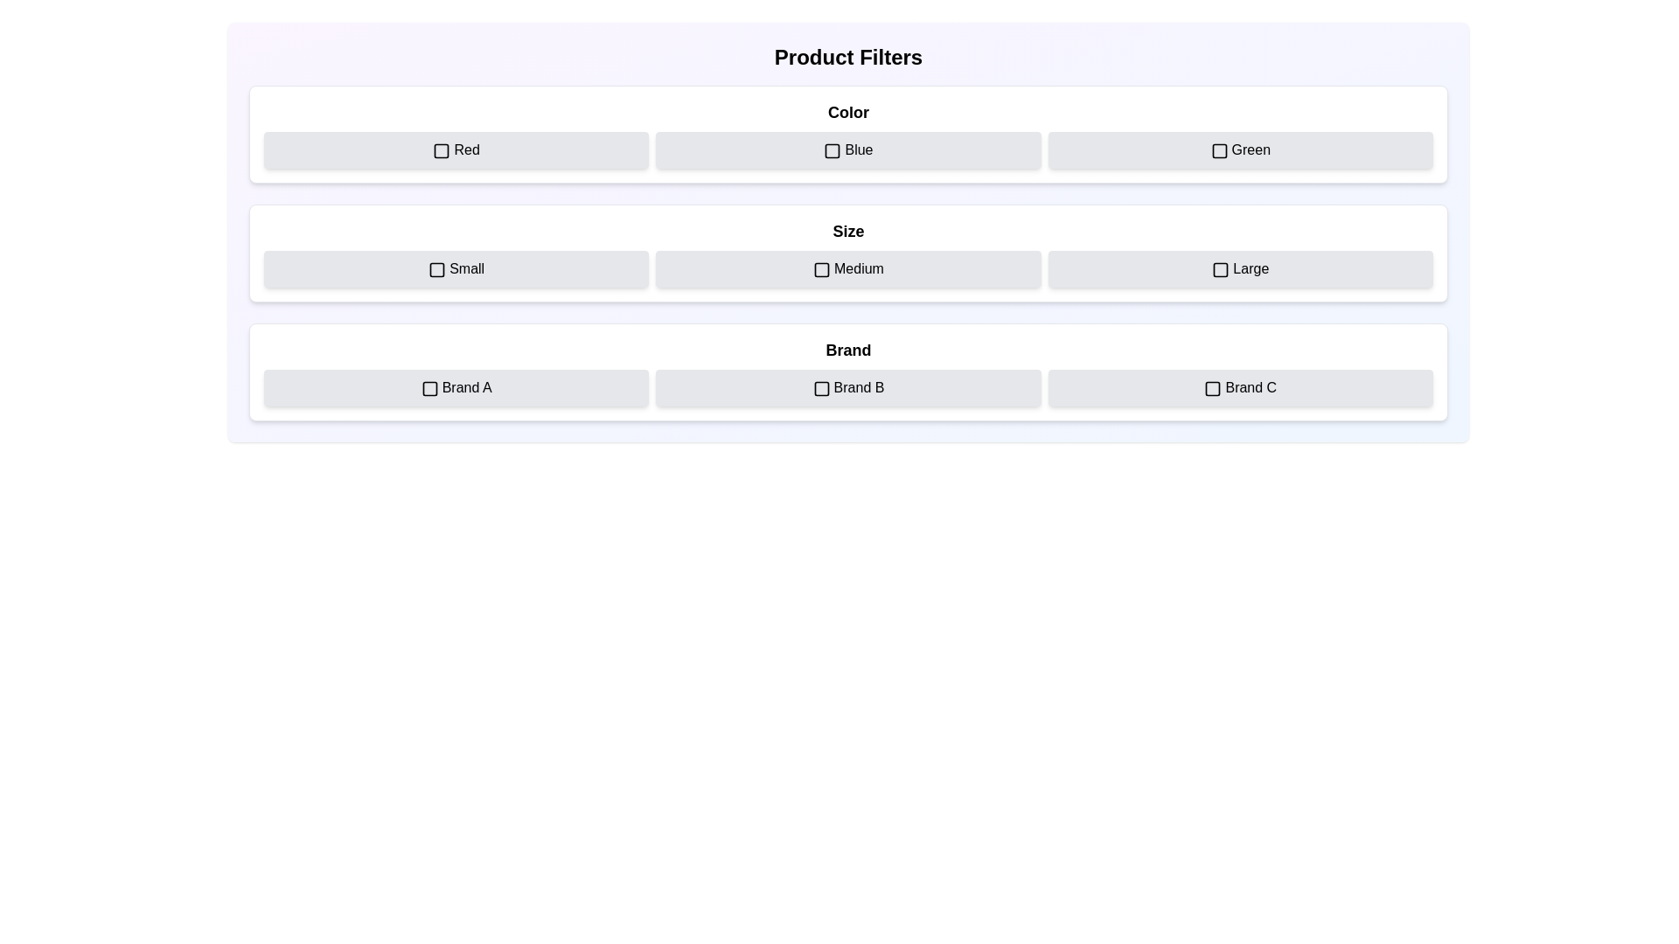 This screenshot has width=1679, height=944. I want to click on the checkbox button for filtering items by the color green, so click(1239, 149).